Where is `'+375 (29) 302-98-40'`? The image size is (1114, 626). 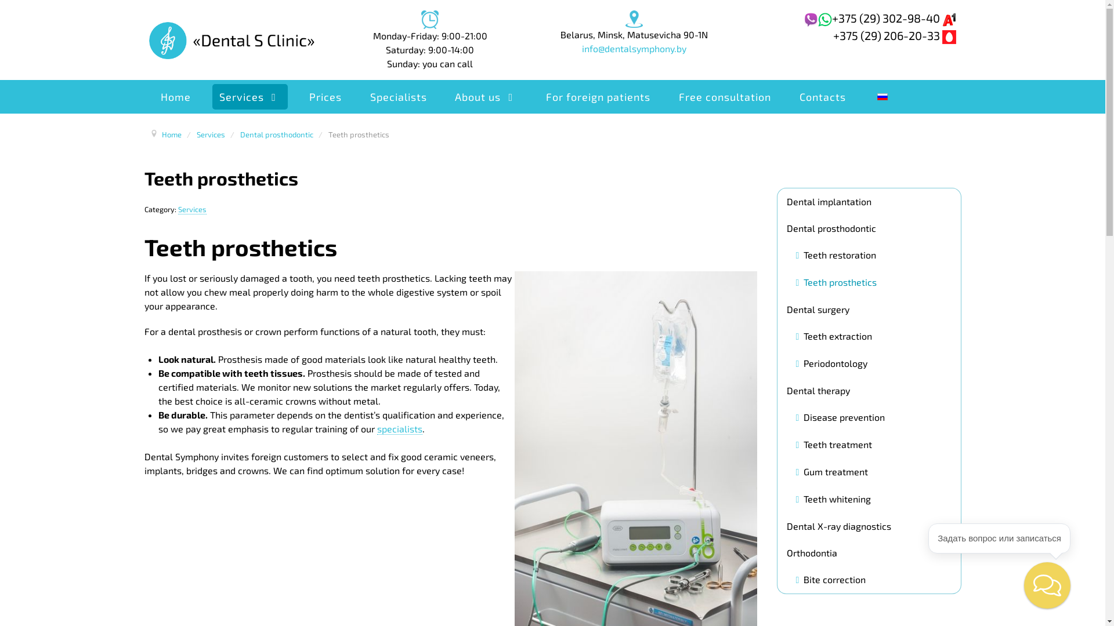
'+375 (29) 302-98-40' is located at coordinates (893, 17).